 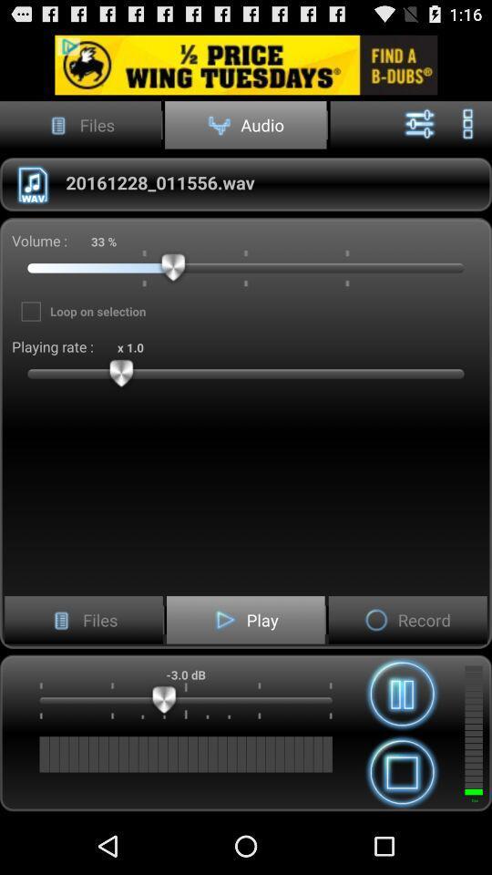 I want to click on the sliders icon, so click(x=420, y=131).